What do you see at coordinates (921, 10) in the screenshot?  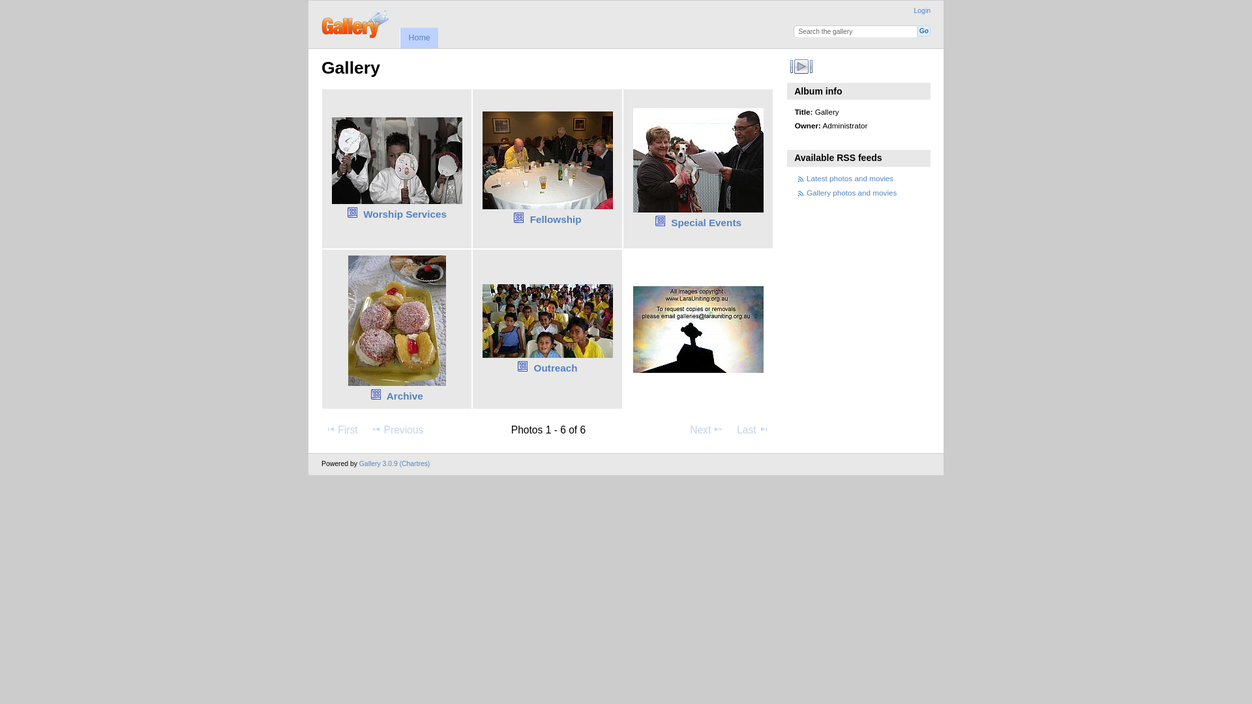 I see `'Login'` at bounding box center [921, 10].